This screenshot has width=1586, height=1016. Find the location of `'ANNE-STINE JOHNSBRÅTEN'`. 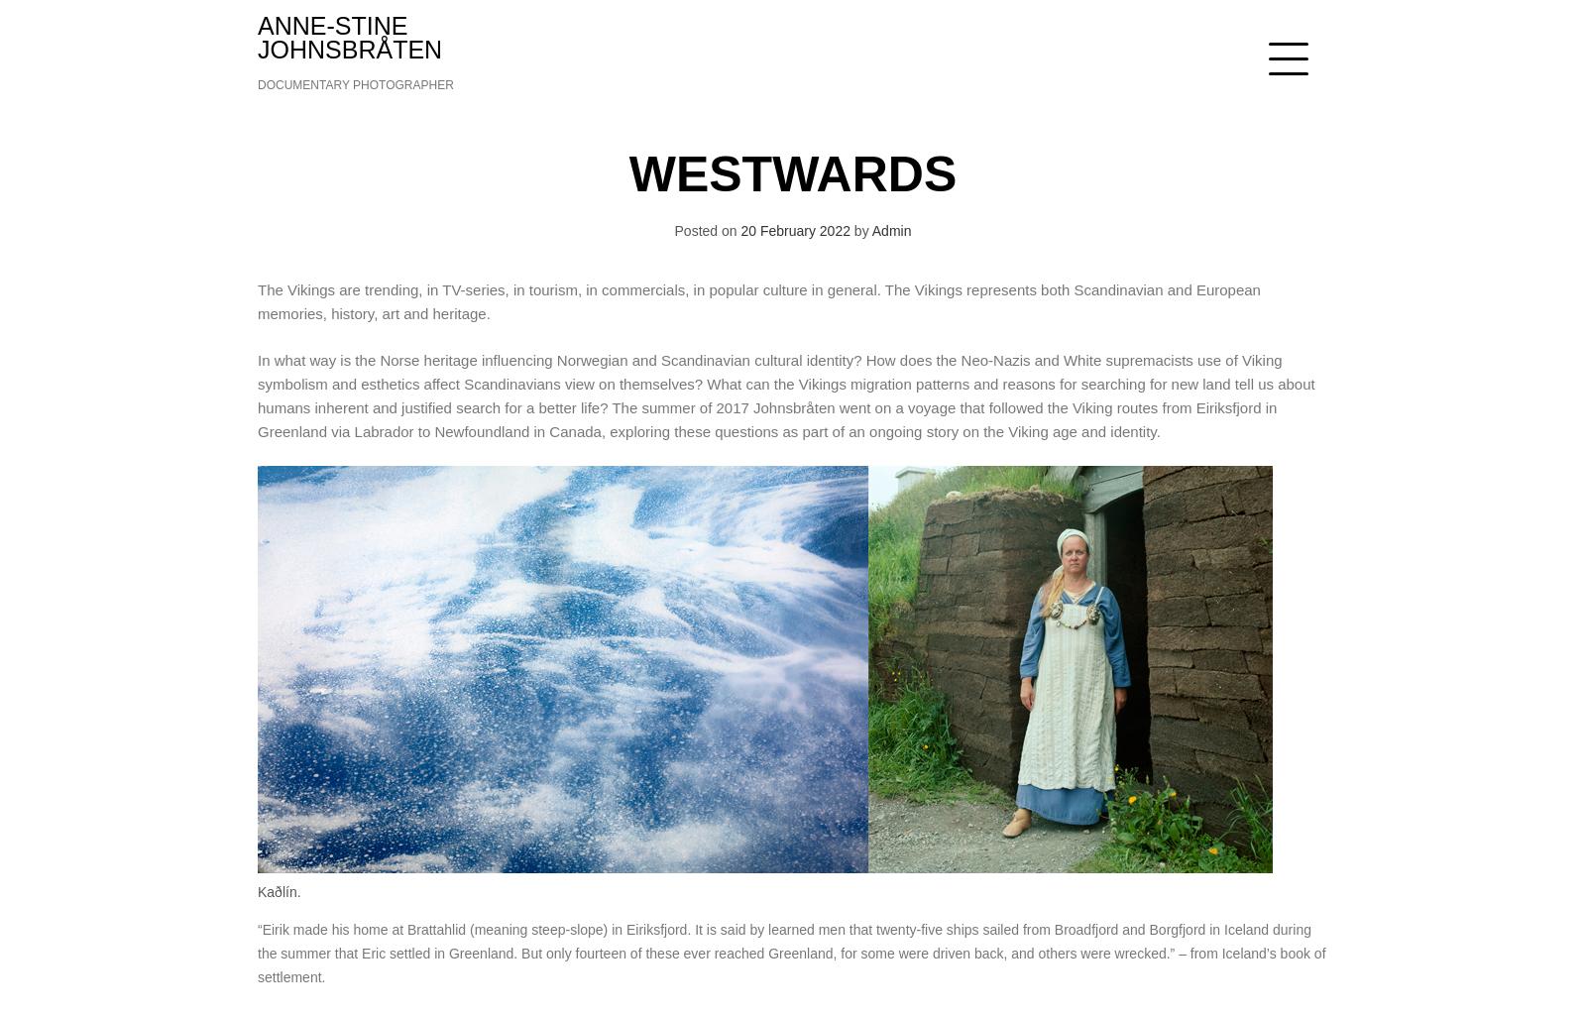

'ANNE-STINE JOHNSBRÅTEN' is located at coordinates (349, 38).